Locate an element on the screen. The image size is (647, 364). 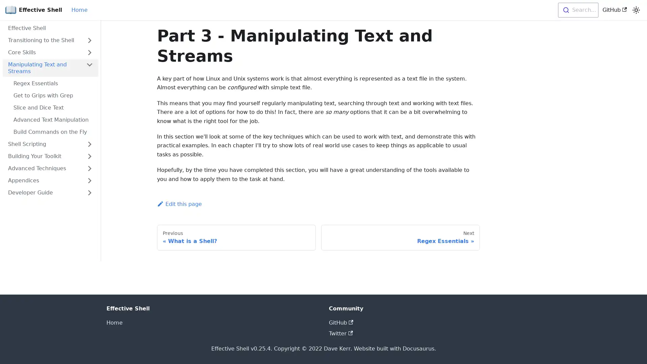
Toggle the collapsible sidebar category 'Transitioning to the Shell' is located at coordinates (89, 40).